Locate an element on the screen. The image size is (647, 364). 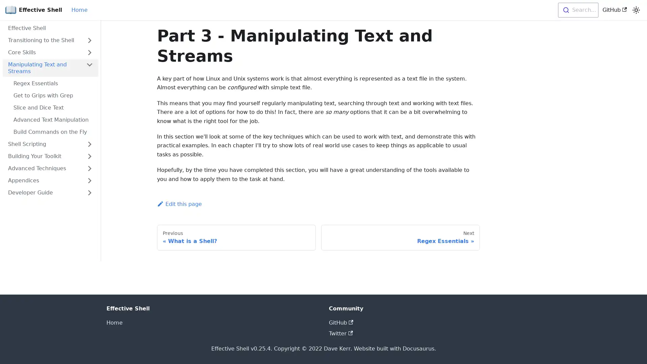
Toggle the collapsible sidebar category 'Transitioning to the Shell' is located at coordinates (89, 40).